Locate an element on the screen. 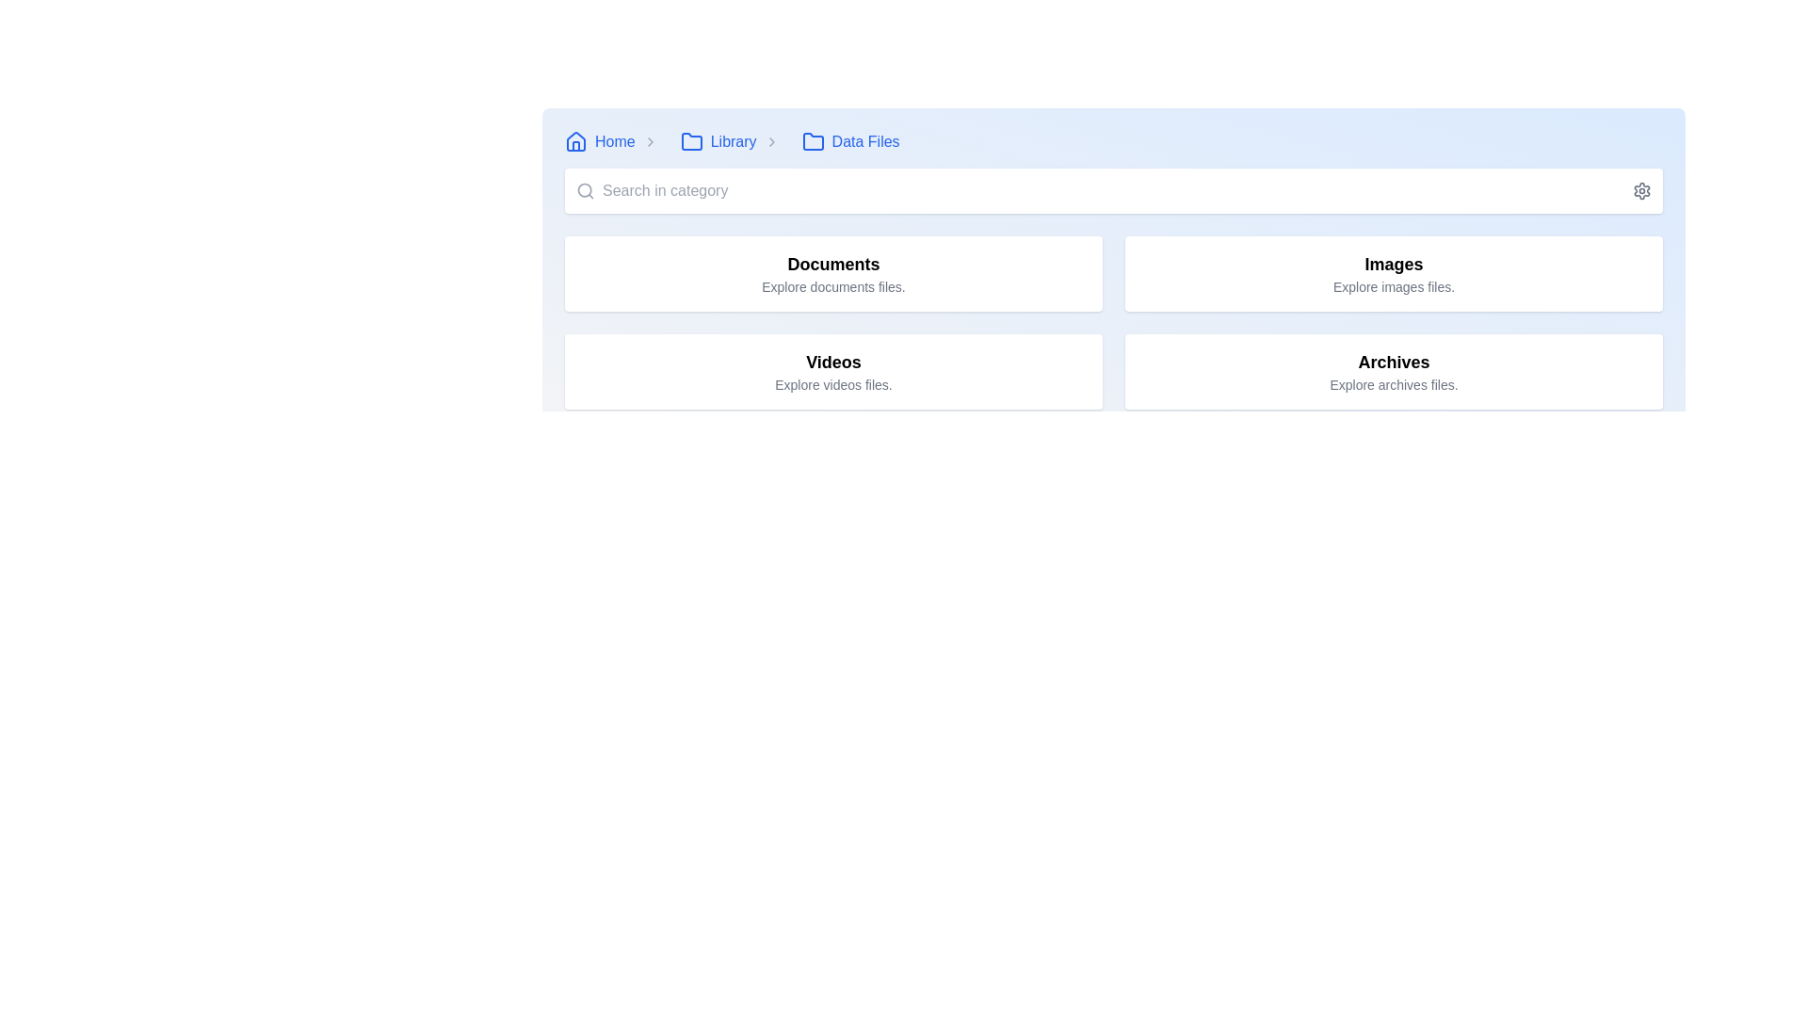 The width and height of the screenshot is (1808, 1017). the Card component located in the top-left quadrant of the grid is located at coordinates (832, 273).